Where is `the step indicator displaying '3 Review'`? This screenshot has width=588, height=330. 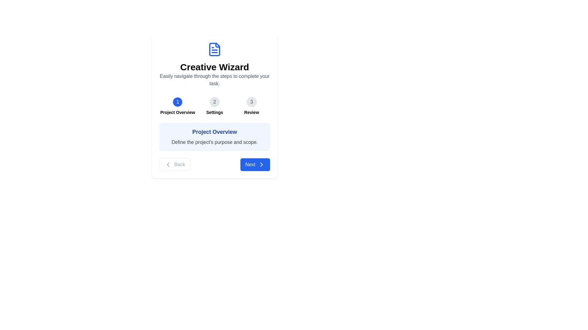 the step indicator displaying '3 Review' is located at coordinates (251, 106).